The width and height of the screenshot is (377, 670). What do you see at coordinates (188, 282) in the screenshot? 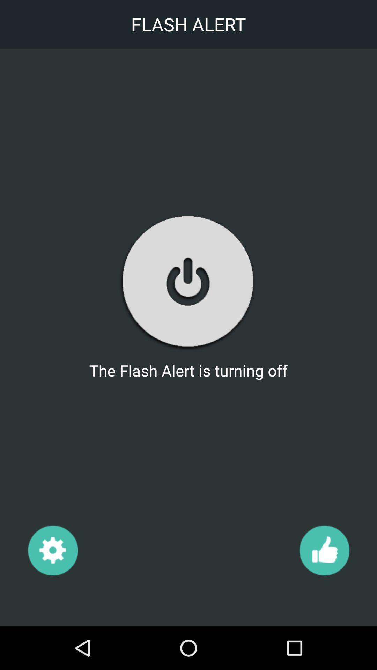
I see `power off` at bounding box center [188, 282].